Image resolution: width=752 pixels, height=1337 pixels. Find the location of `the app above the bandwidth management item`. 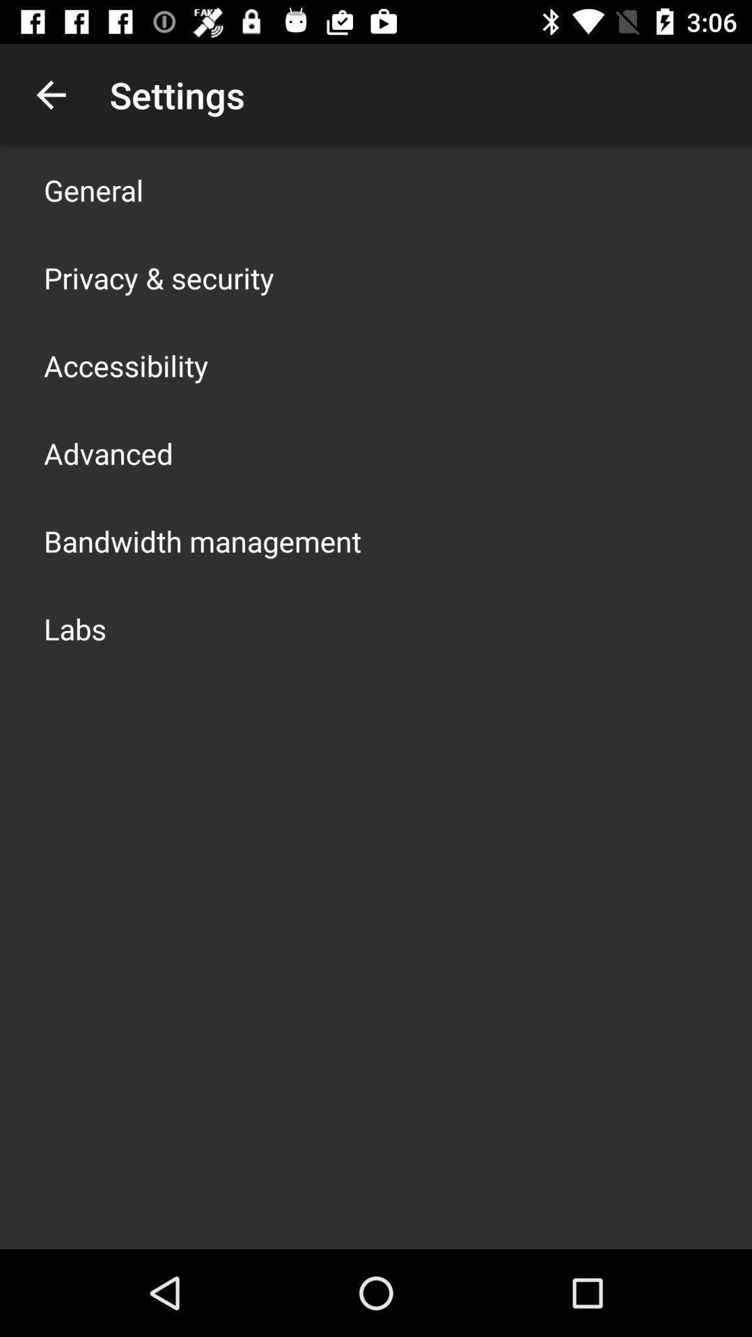

the app above the bandwidth management item is located at coordinates (107, 453).